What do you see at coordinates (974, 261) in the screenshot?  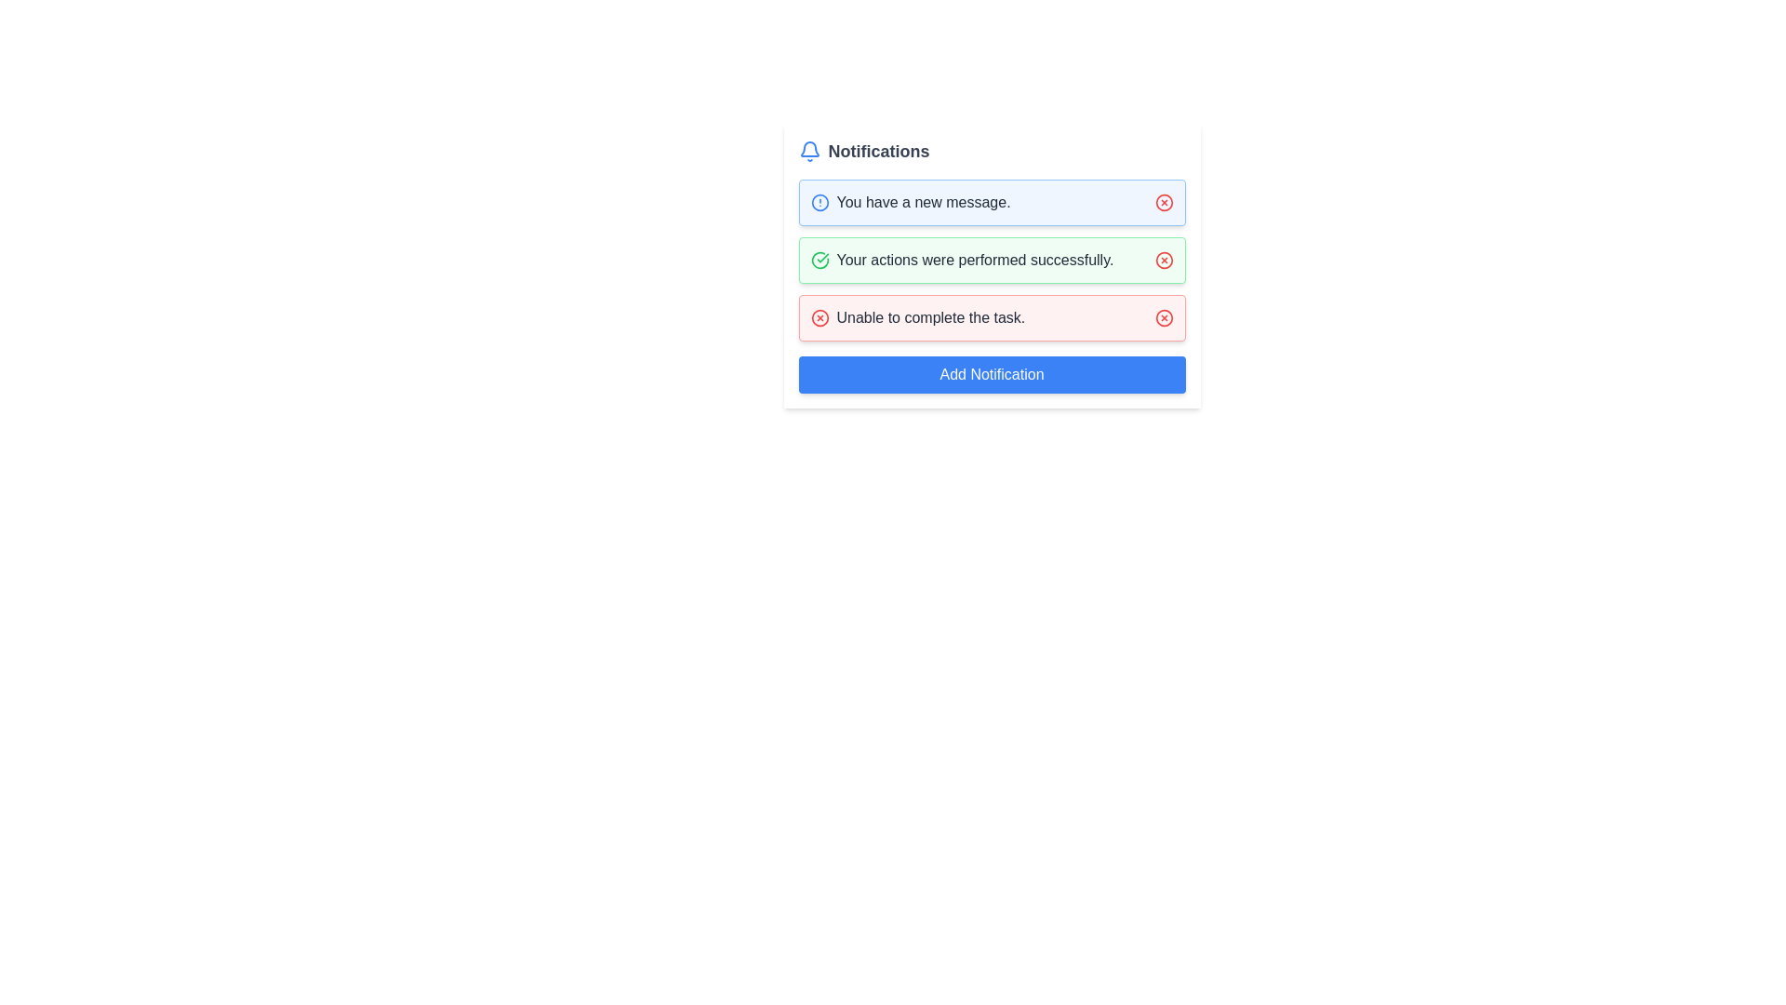 I see `the second notification in the list, which is a Text Label with a green background and a check icon to the left, indicating successful action execution` at bounding box center [974, 261].